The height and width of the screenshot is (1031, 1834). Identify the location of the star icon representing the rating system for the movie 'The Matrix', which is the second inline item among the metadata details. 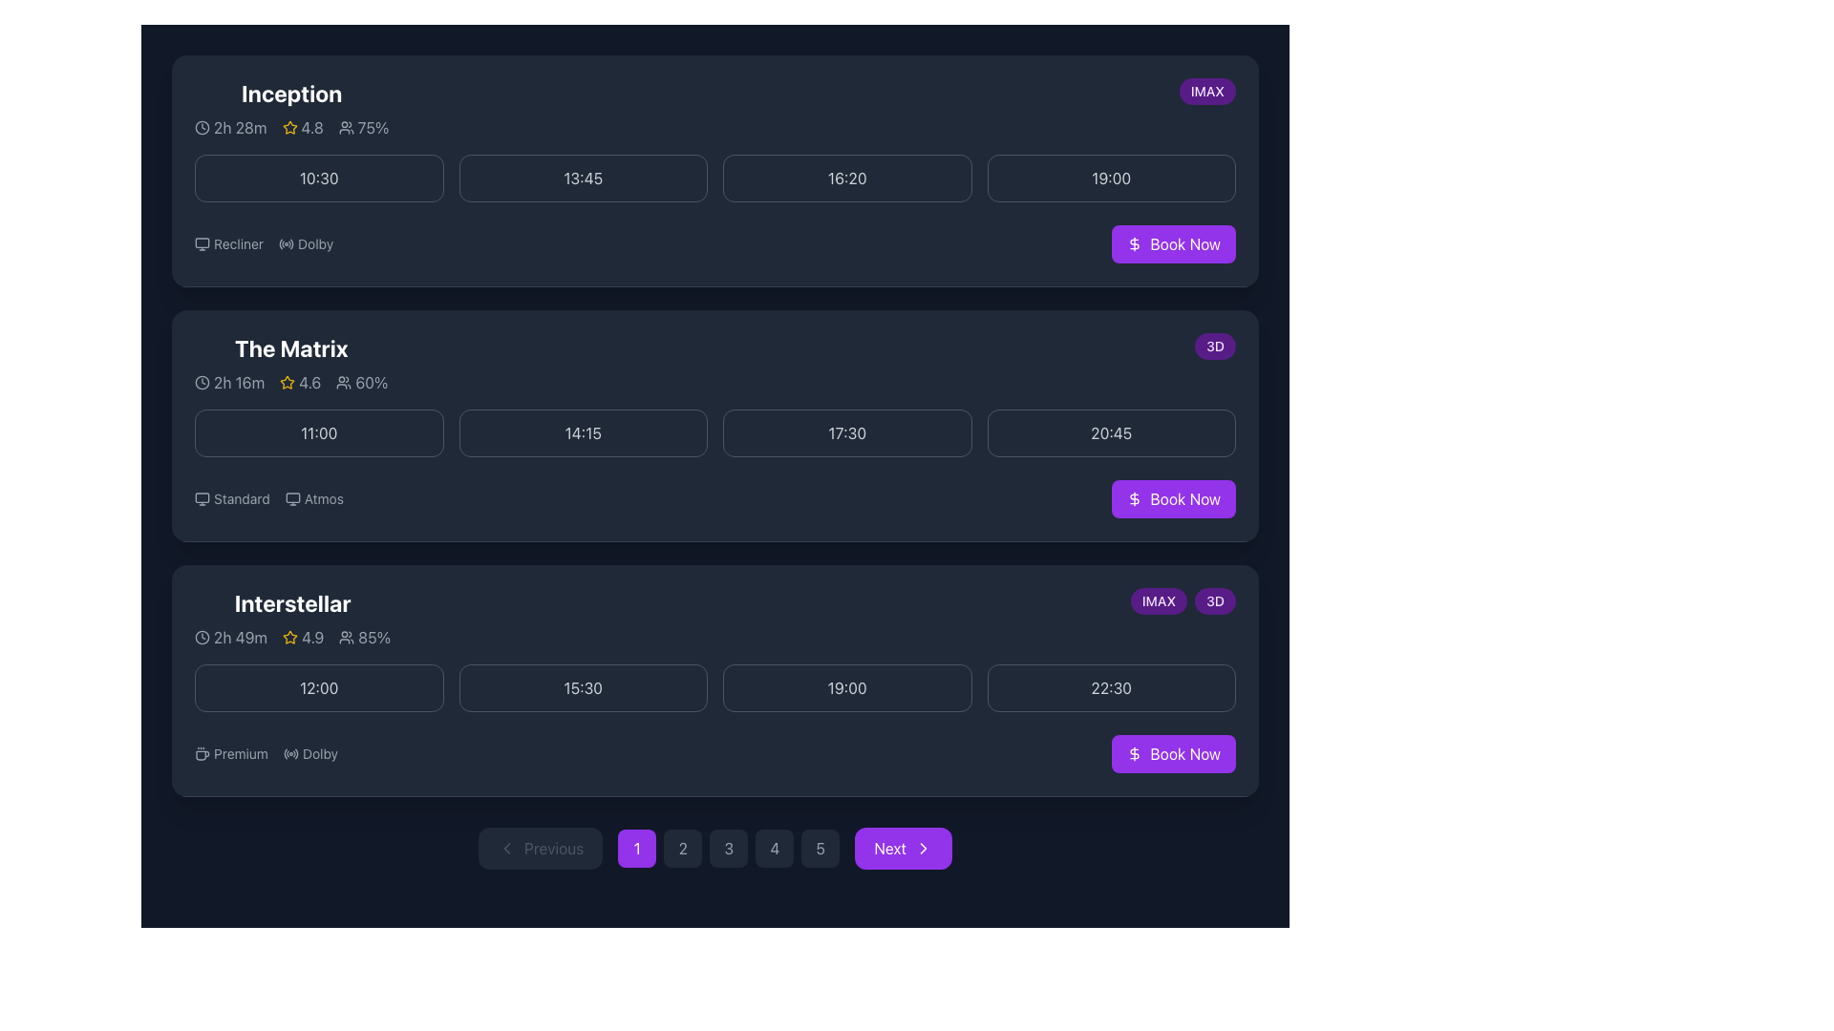
(290, 383).